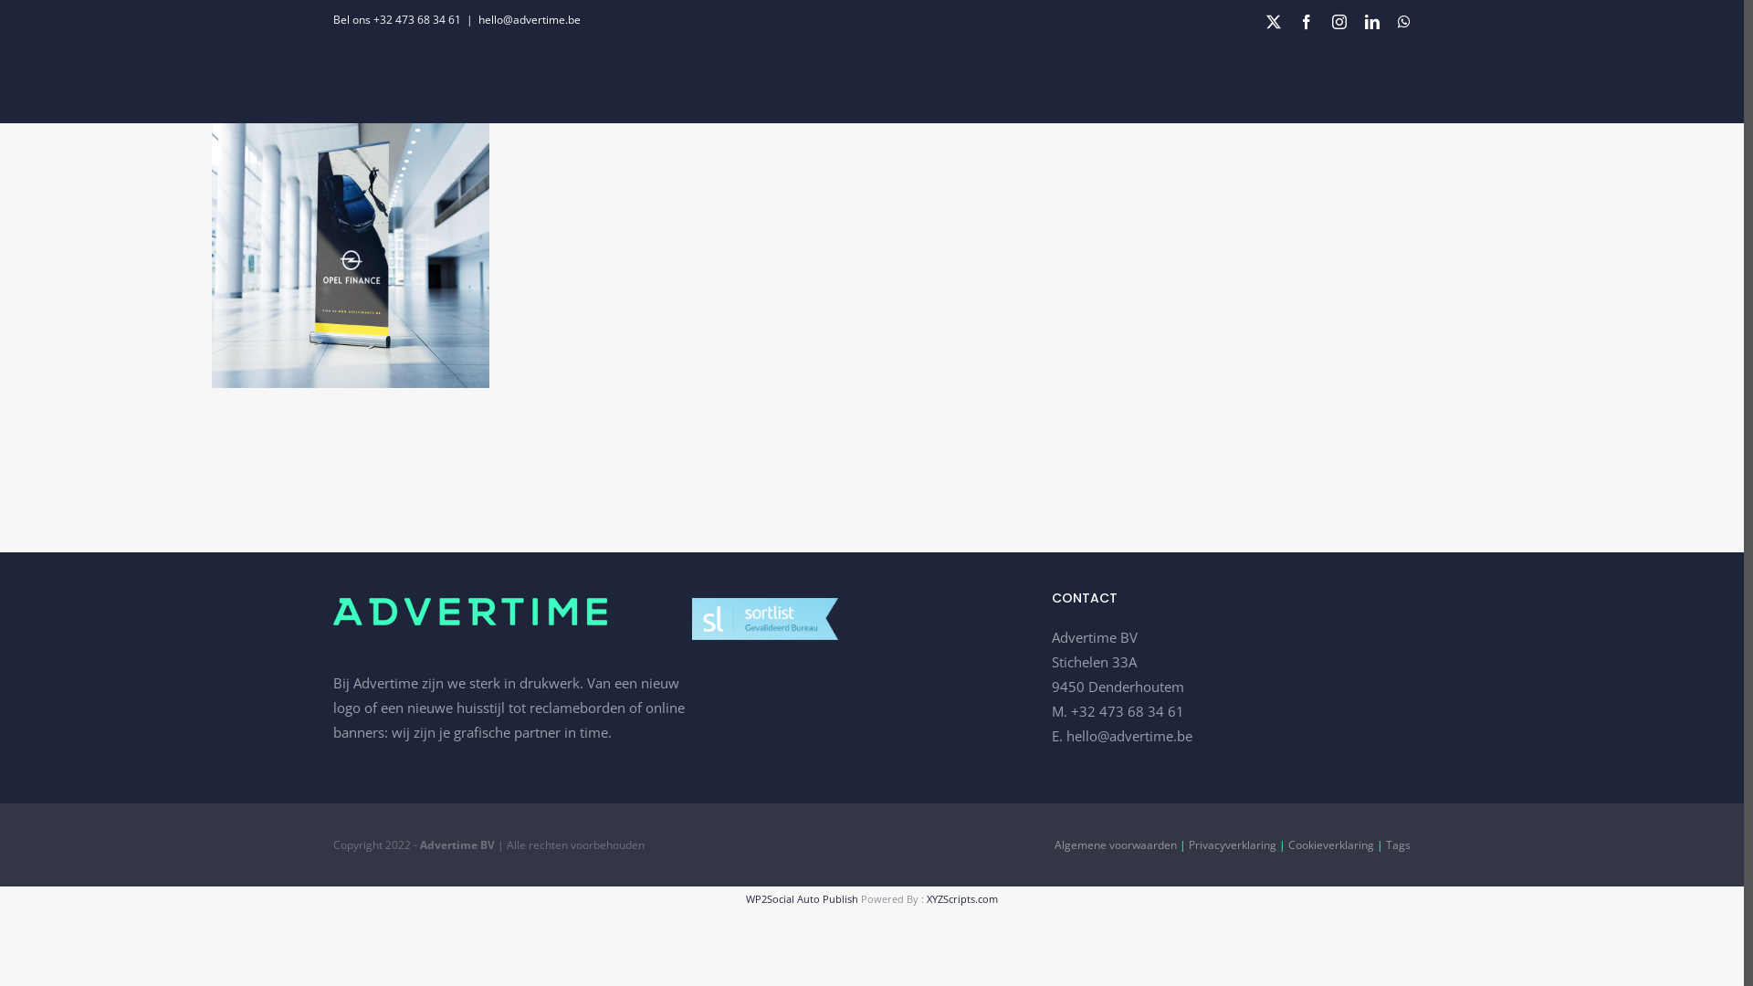 The height and width of the screenshot is (986, 1753). Describe the element at coordinates (797, 79) in the screenshot. I see `'NIEUWS'` at that location.